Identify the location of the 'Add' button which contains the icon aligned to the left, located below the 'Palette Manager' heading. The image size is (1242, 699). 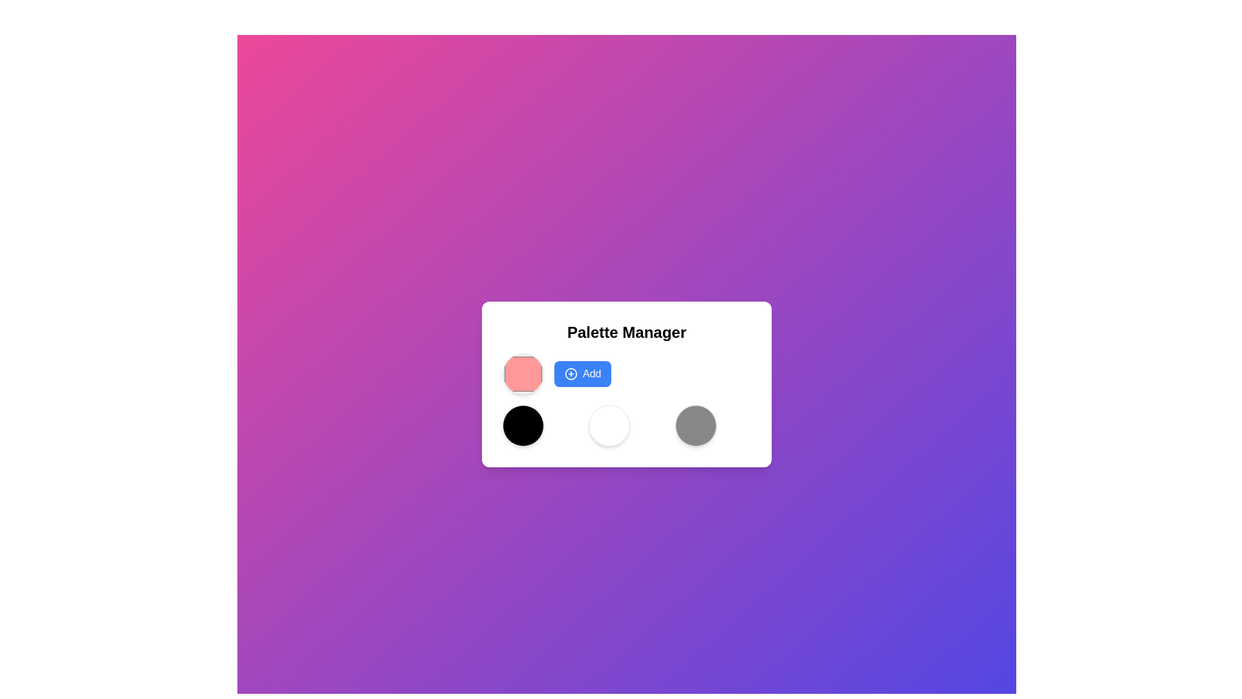
(571, 374).